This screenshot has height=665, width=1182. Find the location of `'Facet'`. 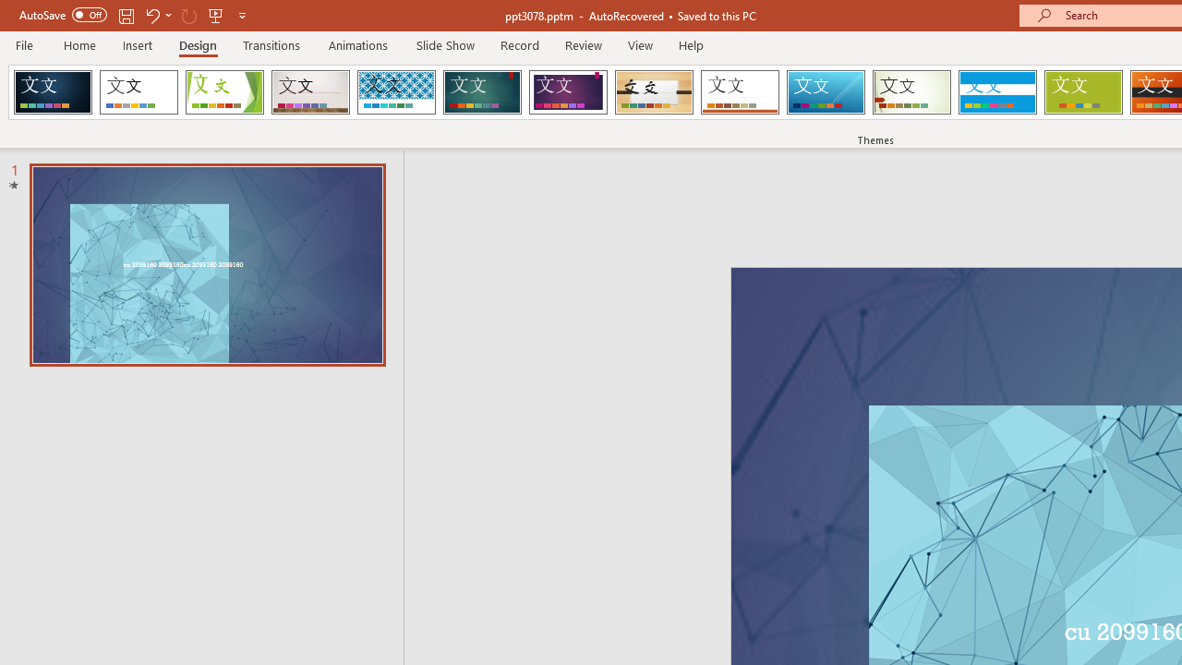

'Facet' is located at coordinates (223, 92).